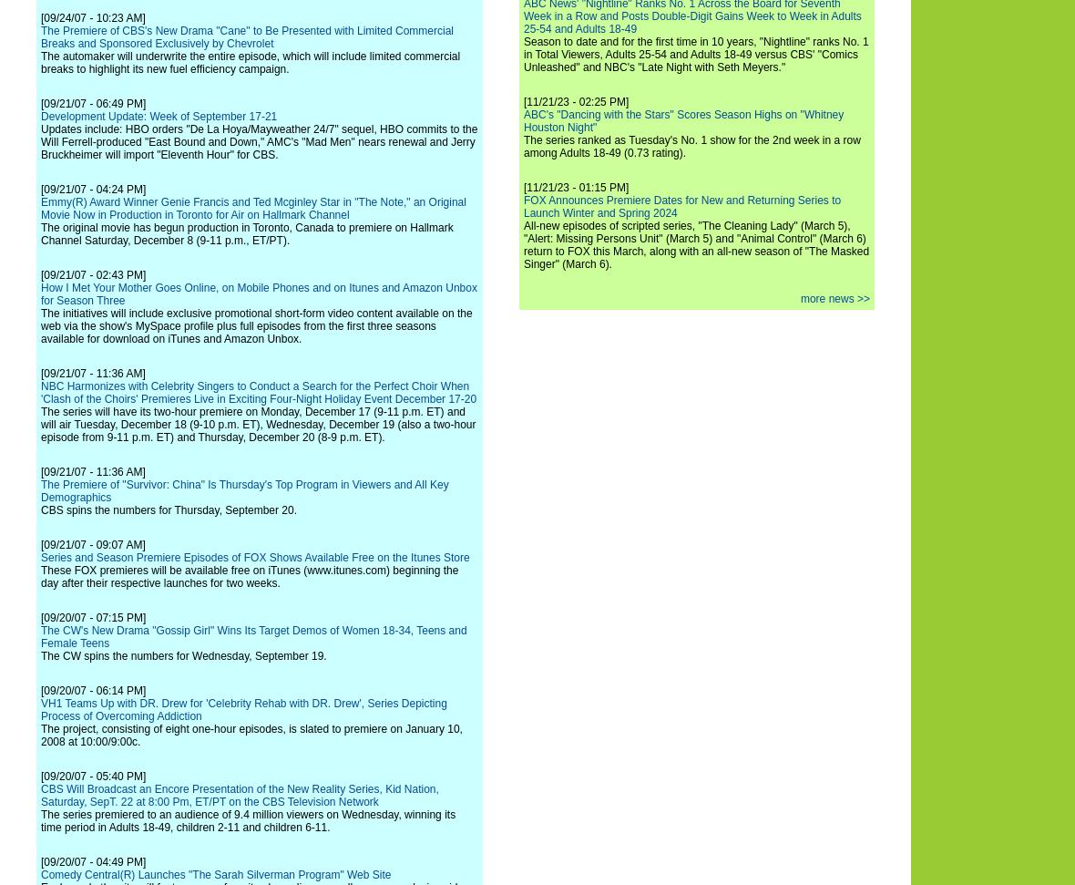 Image resolution: width=1075 pixels, height=885 pixels. Describe the element at coordinates (696, 54) in the screenshot. I see `'Season to date and for the first time in 10 years, "Nightline" ranks No. 1 in Total Viewers, Adults 25-54 and Adults 18-49 versus CBS' "Comics Unleashed" and NBC's "Late Night with Seth Meyers."'` at that location.